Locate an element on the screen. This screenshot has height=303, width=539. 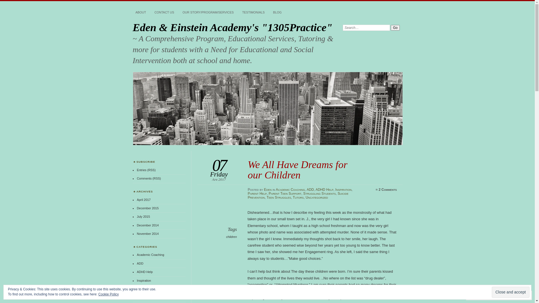
'children' is located at coordinates (231, 237).